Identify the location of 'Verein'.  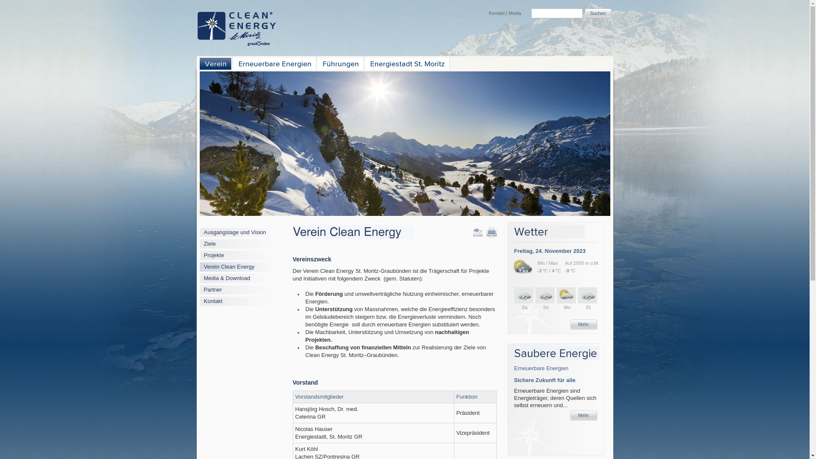
(215, 63).